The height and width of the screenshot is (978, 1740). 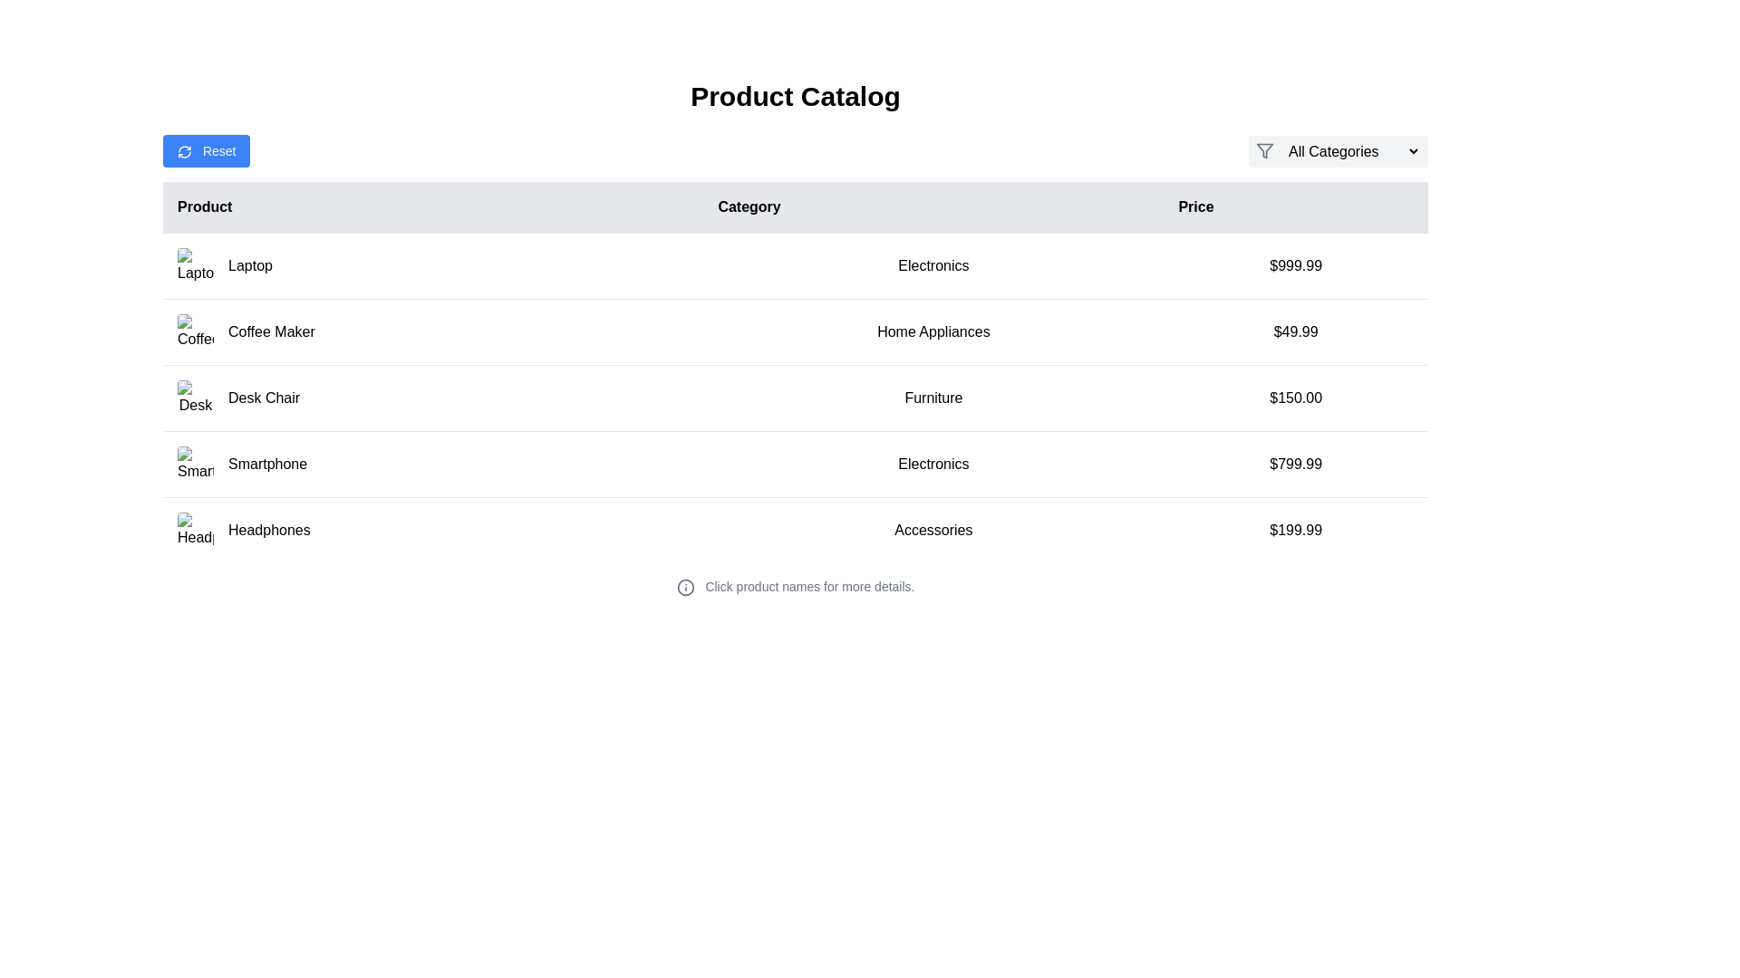 What do you see at coordinates (1264, 149) in the screenshot?
I see `the filter icon located to the left of the 'All Categories' dropdown in the upper right corner of the interface to trigger a tooltip or highlight effect` at bounding box center [1264, 149].